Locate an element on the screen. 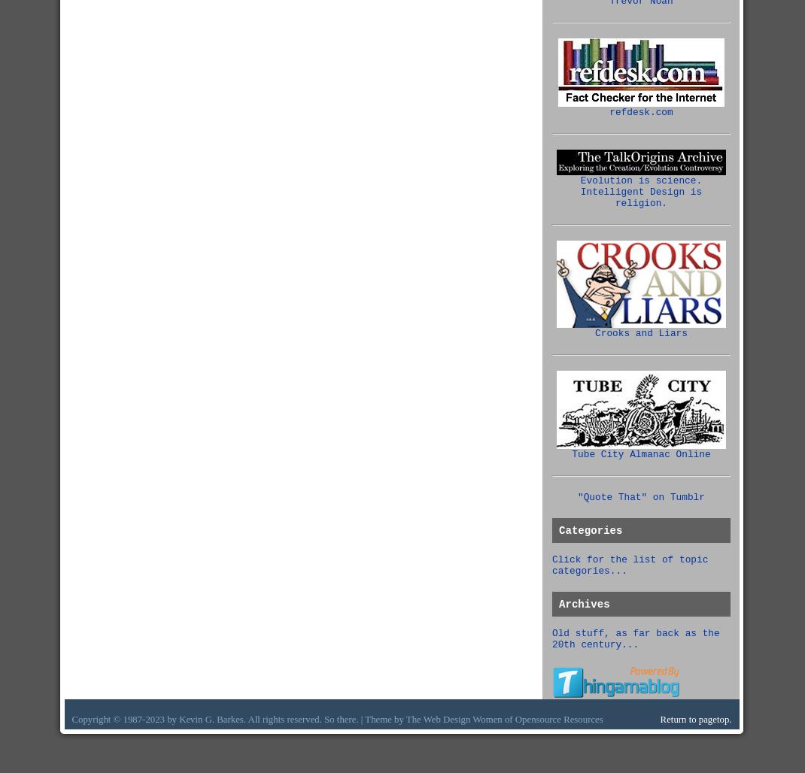  'Copyright © 1987-2023 by Kevin G. Barkes.
All rights reserved.
So there. | Theme by
The' is located at coordinates (247, 719).